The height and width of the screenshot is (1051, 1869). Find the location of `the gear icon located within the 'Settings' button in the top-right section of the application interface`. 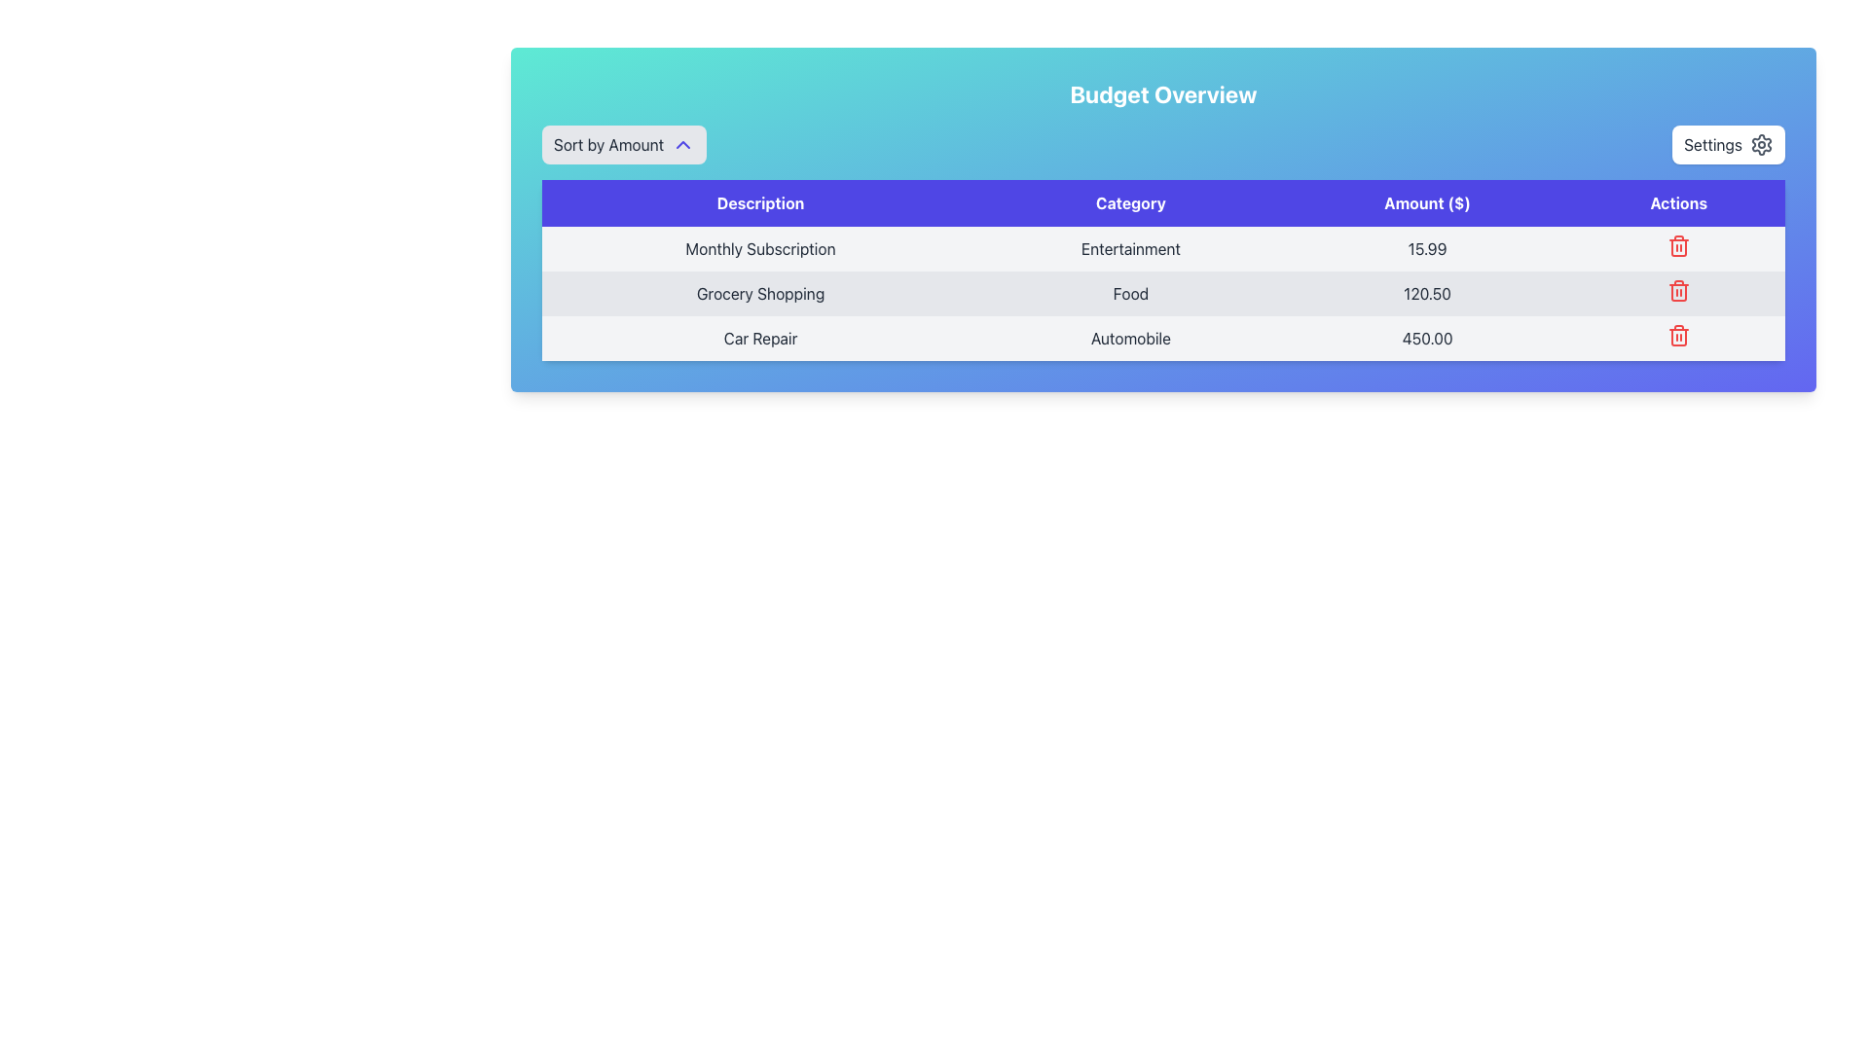

the gear icon located within the 'Settings' button in the top-right section of the application interface is located at coordinates (1761, 144).